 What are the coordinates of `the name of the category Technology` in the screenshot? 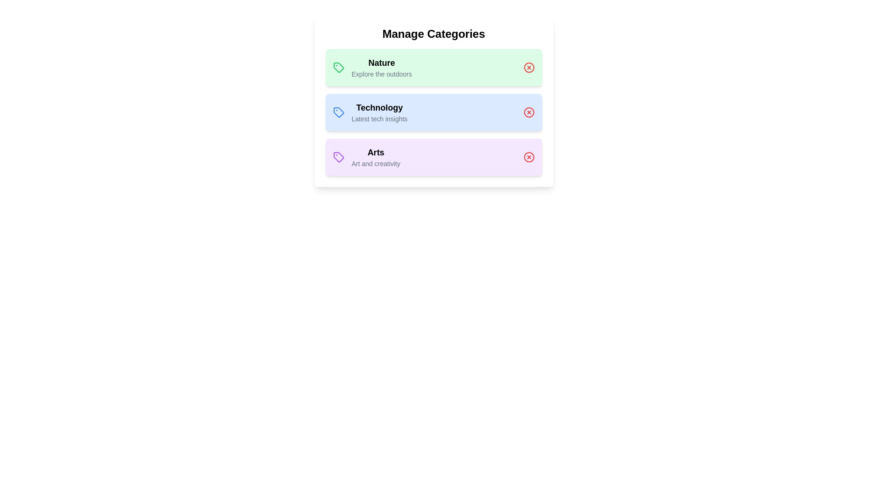 It's located at (379, 107).